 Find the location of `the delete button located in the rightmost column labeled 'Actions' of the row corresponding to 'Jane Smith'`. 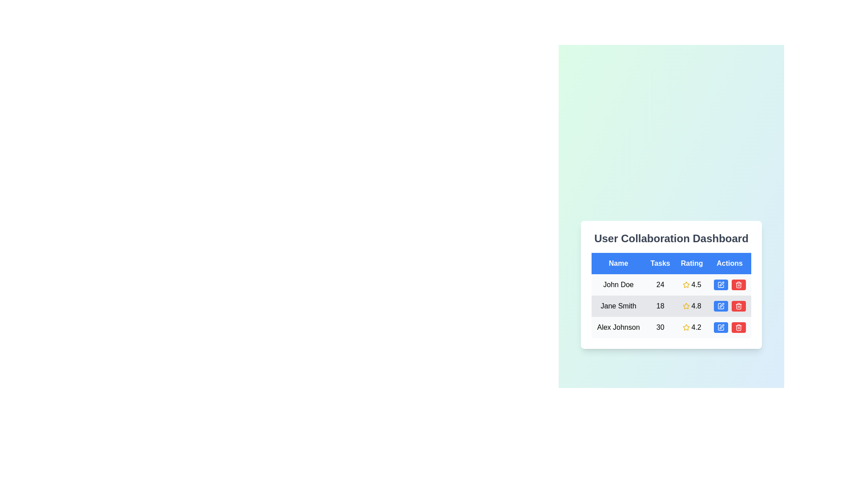

the delete button located in the rightmost column labeled 'Actions' of the row corresponding to 'Jane Smith' is located at coordinates (738, 284).